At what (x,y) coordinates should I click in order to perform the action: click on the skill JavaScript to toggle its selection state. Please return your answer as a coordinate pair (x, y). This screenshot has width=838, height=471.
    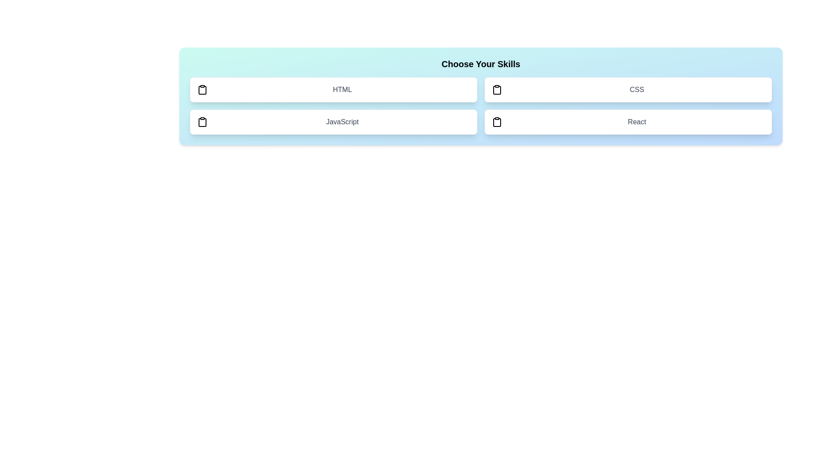
    Looking at the image, I should click on (333, 122).